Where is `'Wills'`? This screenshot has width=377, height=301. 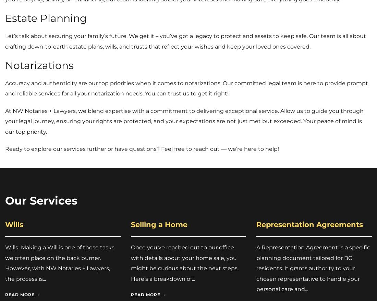
'Wills' is located at coordinates (14, 224).